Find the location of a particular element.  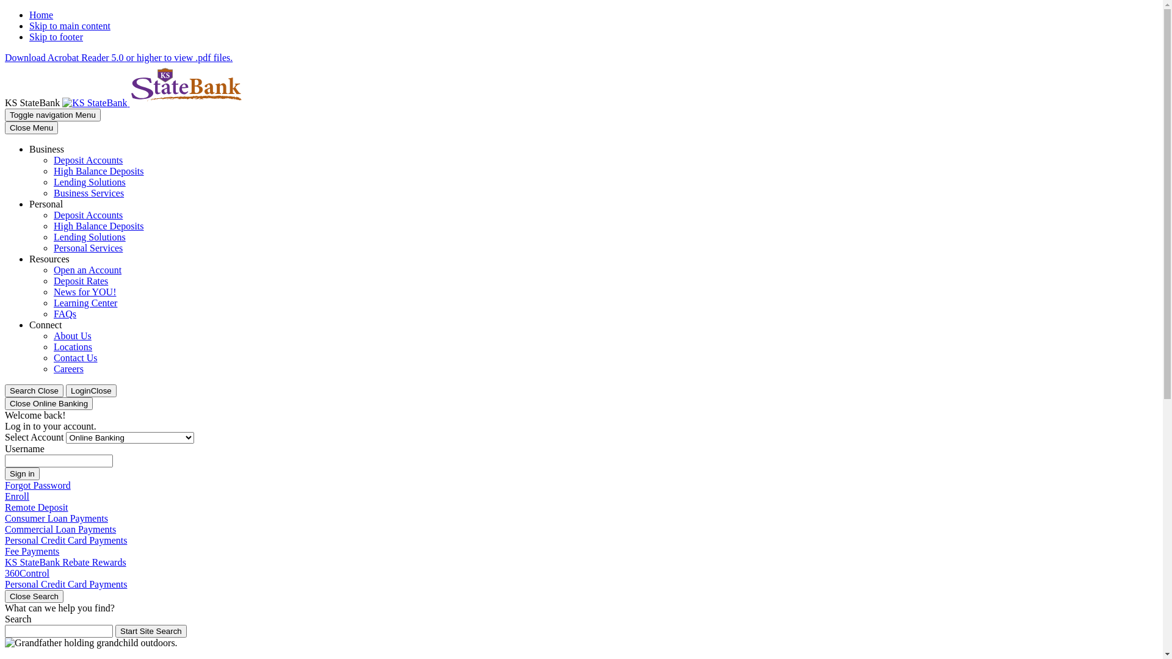

'Enroll' is located at coordinates (17, 496).